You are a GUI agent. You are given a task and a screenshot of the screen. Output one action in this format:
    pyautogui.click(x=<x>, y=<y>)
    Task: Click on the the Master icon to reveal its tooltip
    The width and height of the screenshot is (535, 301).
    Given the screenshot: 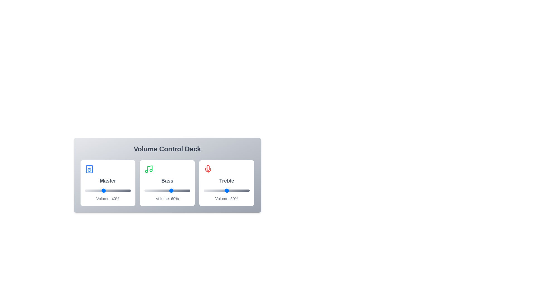 What is the action you would take?
    pyautogui.click(x=89, y=169)
    